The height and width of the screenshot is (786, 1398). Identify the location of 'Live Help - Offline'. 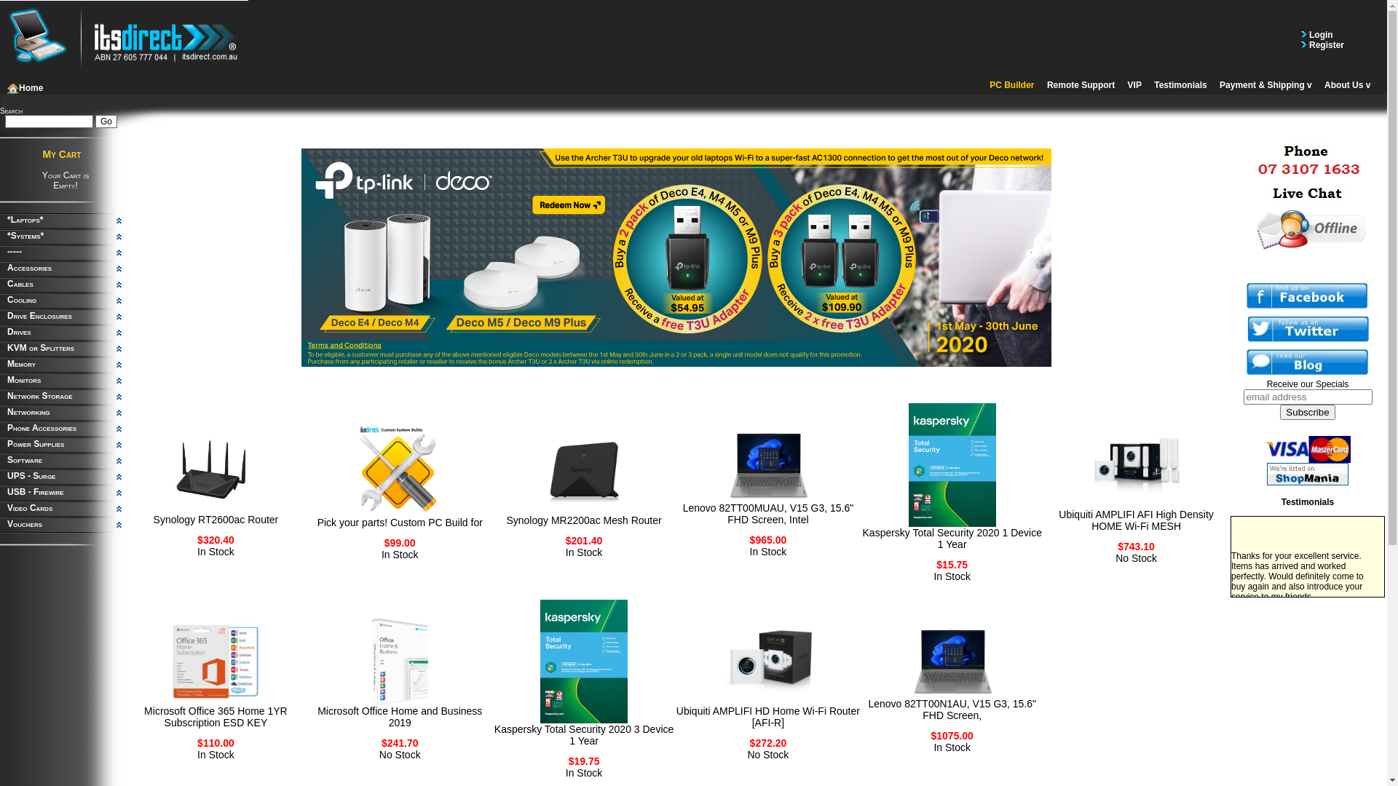
(1307, 228).